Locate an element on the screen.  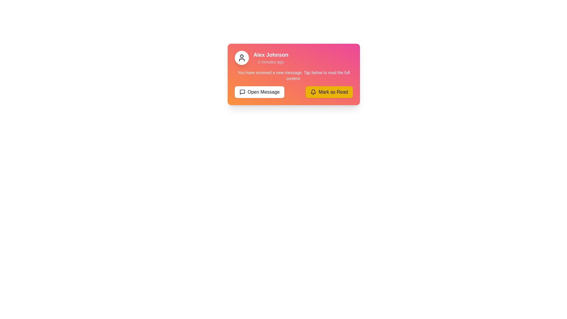
the notification icon located in the top-left corner of the card associated with user 'Alex Johnson' is located at coordinates (242, 58).